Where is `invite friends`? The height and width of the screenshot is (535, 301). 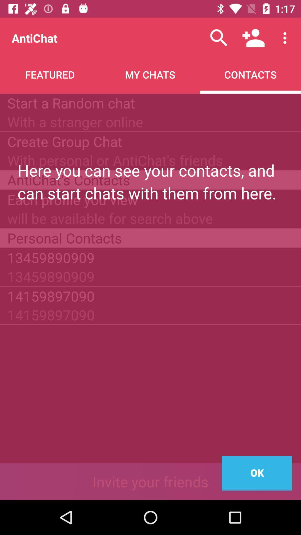 invite friends is located at coordinates (151, 481).